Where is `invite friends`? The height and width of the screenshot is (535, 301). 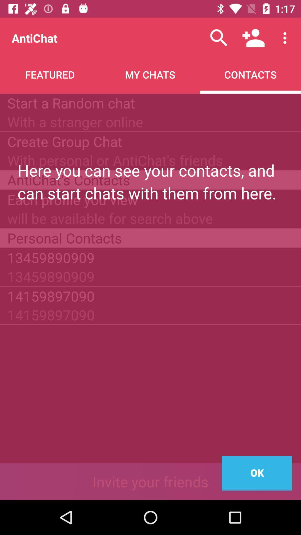 invite friends is located at coordinates (151, 481).